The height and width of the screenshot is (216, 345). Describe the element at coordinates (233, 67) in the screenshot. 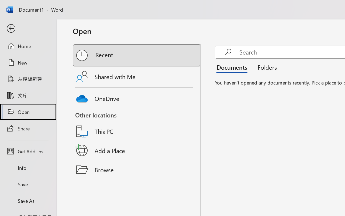

I see `'Documents'` at that location.